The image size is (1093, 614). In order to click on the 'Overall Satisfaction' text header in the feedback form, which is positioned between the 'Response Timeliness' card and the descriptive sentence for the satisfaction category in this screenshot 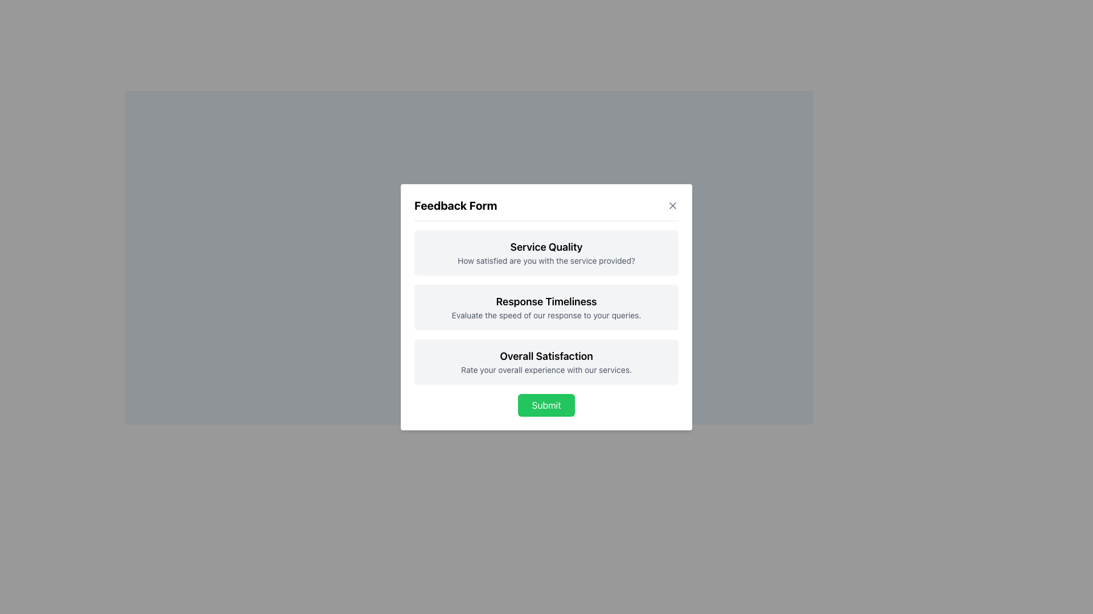, I will do `click(546, 355)`.